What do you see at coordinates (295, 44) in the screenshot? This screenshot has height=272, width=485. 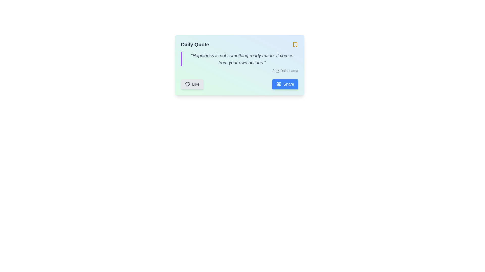 I see `the bookmark icon located at the top-right corner of the card, adjacent to the text 'Daily Quote'` at bounding box center [295, 44].